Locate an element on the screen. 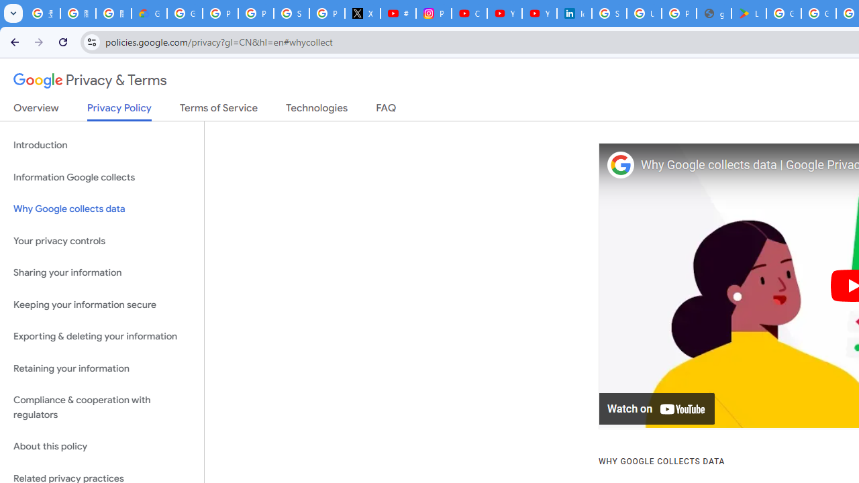 The image size is (859, 483). 'Compliance & cooperation with regulators' is located at coordinates (101, 407).